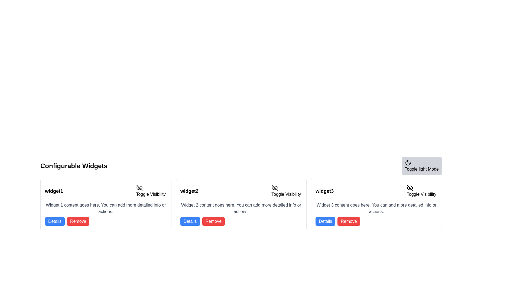 Image resolution: width=520 pixels, height=292 pixels. Describe the element at coordinates (55, 221) in the screenshot. I see `the first button on the 'widget1' card located in the bottom-left corner` at that location.